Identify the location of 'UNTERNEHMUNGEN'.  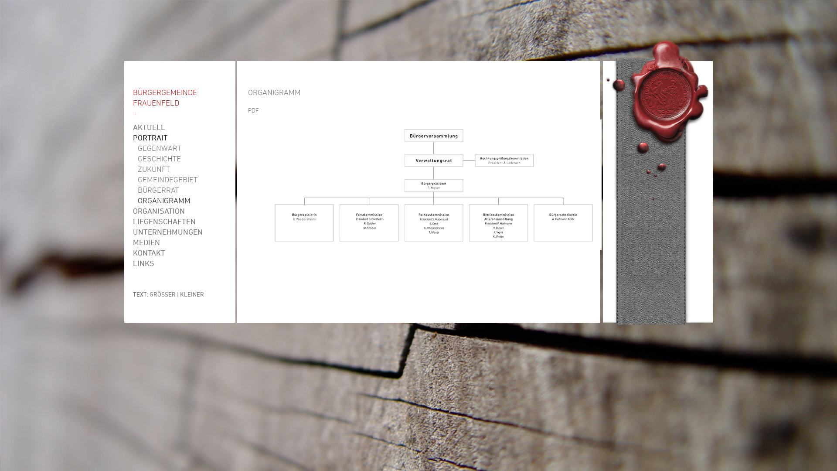
(123, 232).